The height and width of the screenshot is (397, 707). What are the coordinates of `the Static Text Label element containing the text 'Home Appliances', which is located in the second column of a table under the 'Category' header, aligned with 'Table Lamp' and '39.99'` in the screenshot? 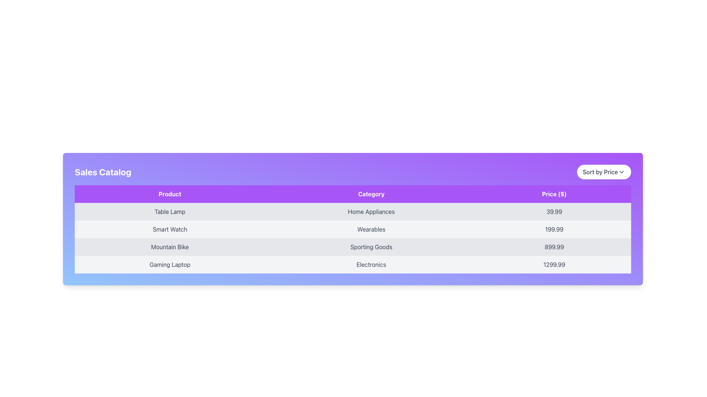 It's located at (371, 211).